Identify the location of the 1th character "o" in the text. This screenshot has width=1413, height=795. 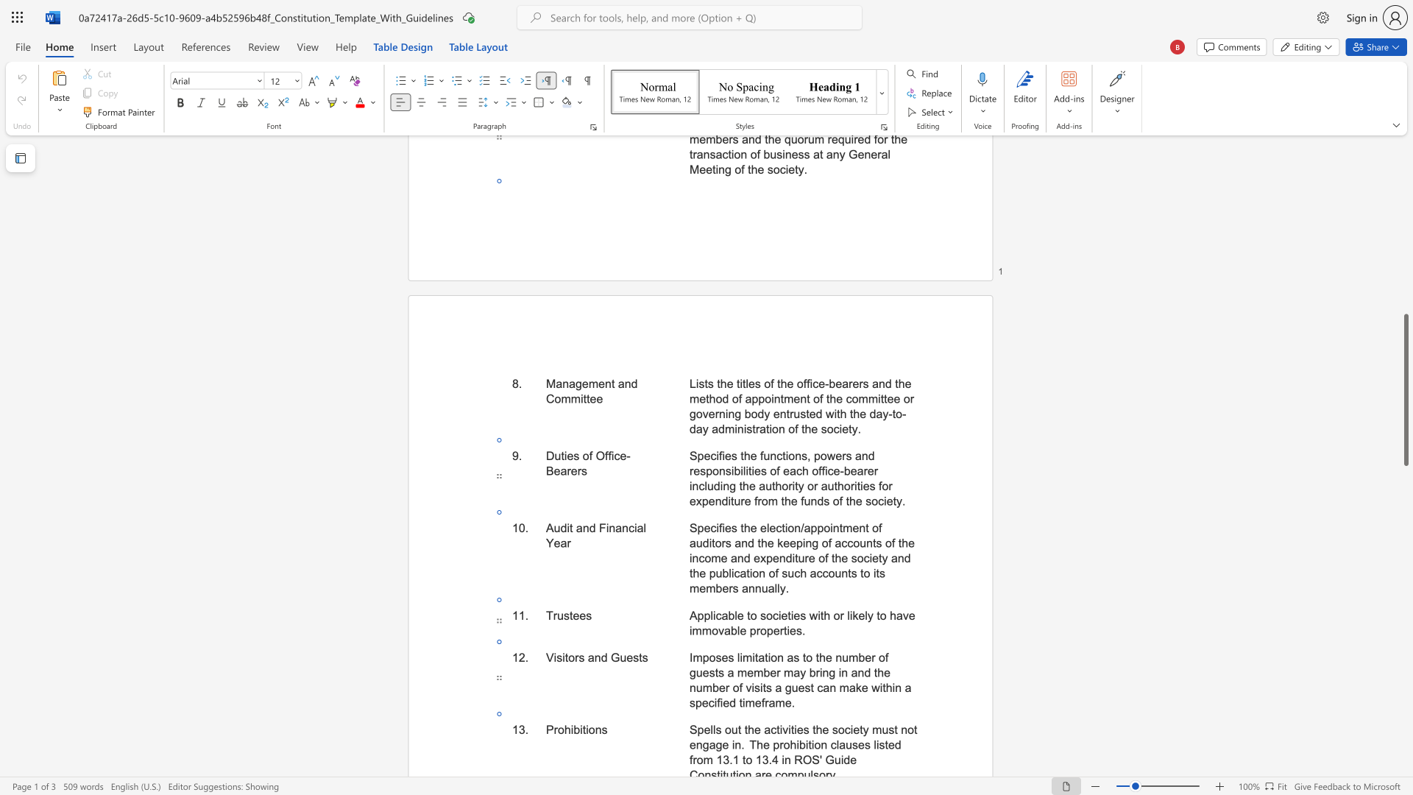
(560, 729).